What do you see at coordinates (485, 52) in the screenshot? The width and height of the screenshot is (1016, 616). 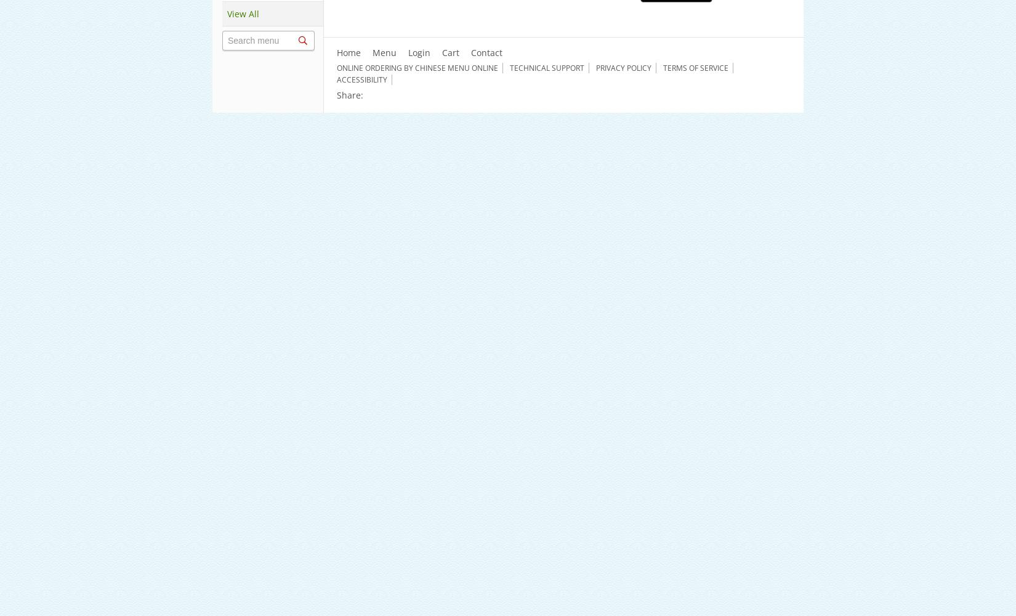 I see `'Contact'` at bounding box center [485, 52].